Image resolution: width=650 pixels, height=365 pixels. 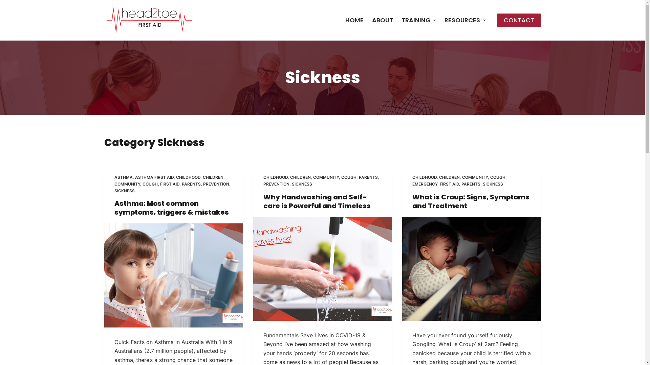 I want to click on 'HOME', so click(x=341, y=20).